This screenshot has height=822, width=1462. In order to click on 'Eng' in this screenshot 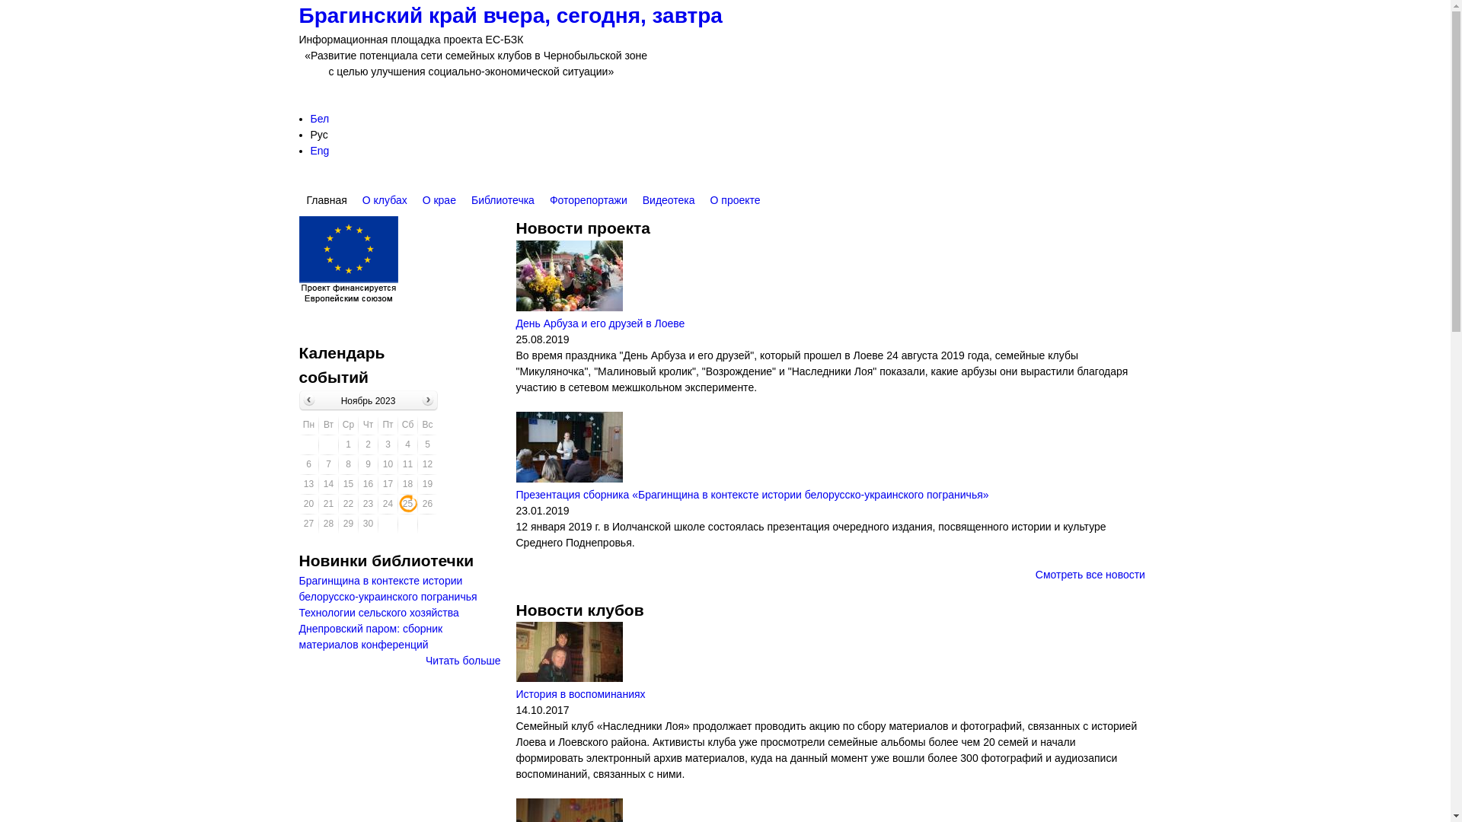, I will do `click(310, 150)`.